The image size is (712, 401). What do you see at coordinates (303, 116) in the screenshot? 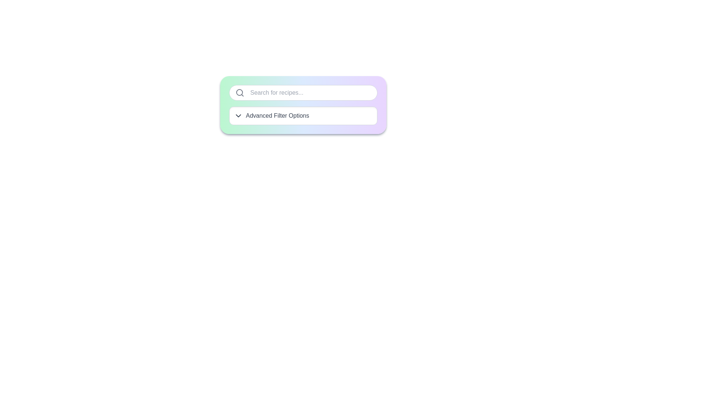
I see `text label 'Advanced Filter Options' which is styled in gray and located at the top left of the search and filter section` at bounding box center [303, 116].